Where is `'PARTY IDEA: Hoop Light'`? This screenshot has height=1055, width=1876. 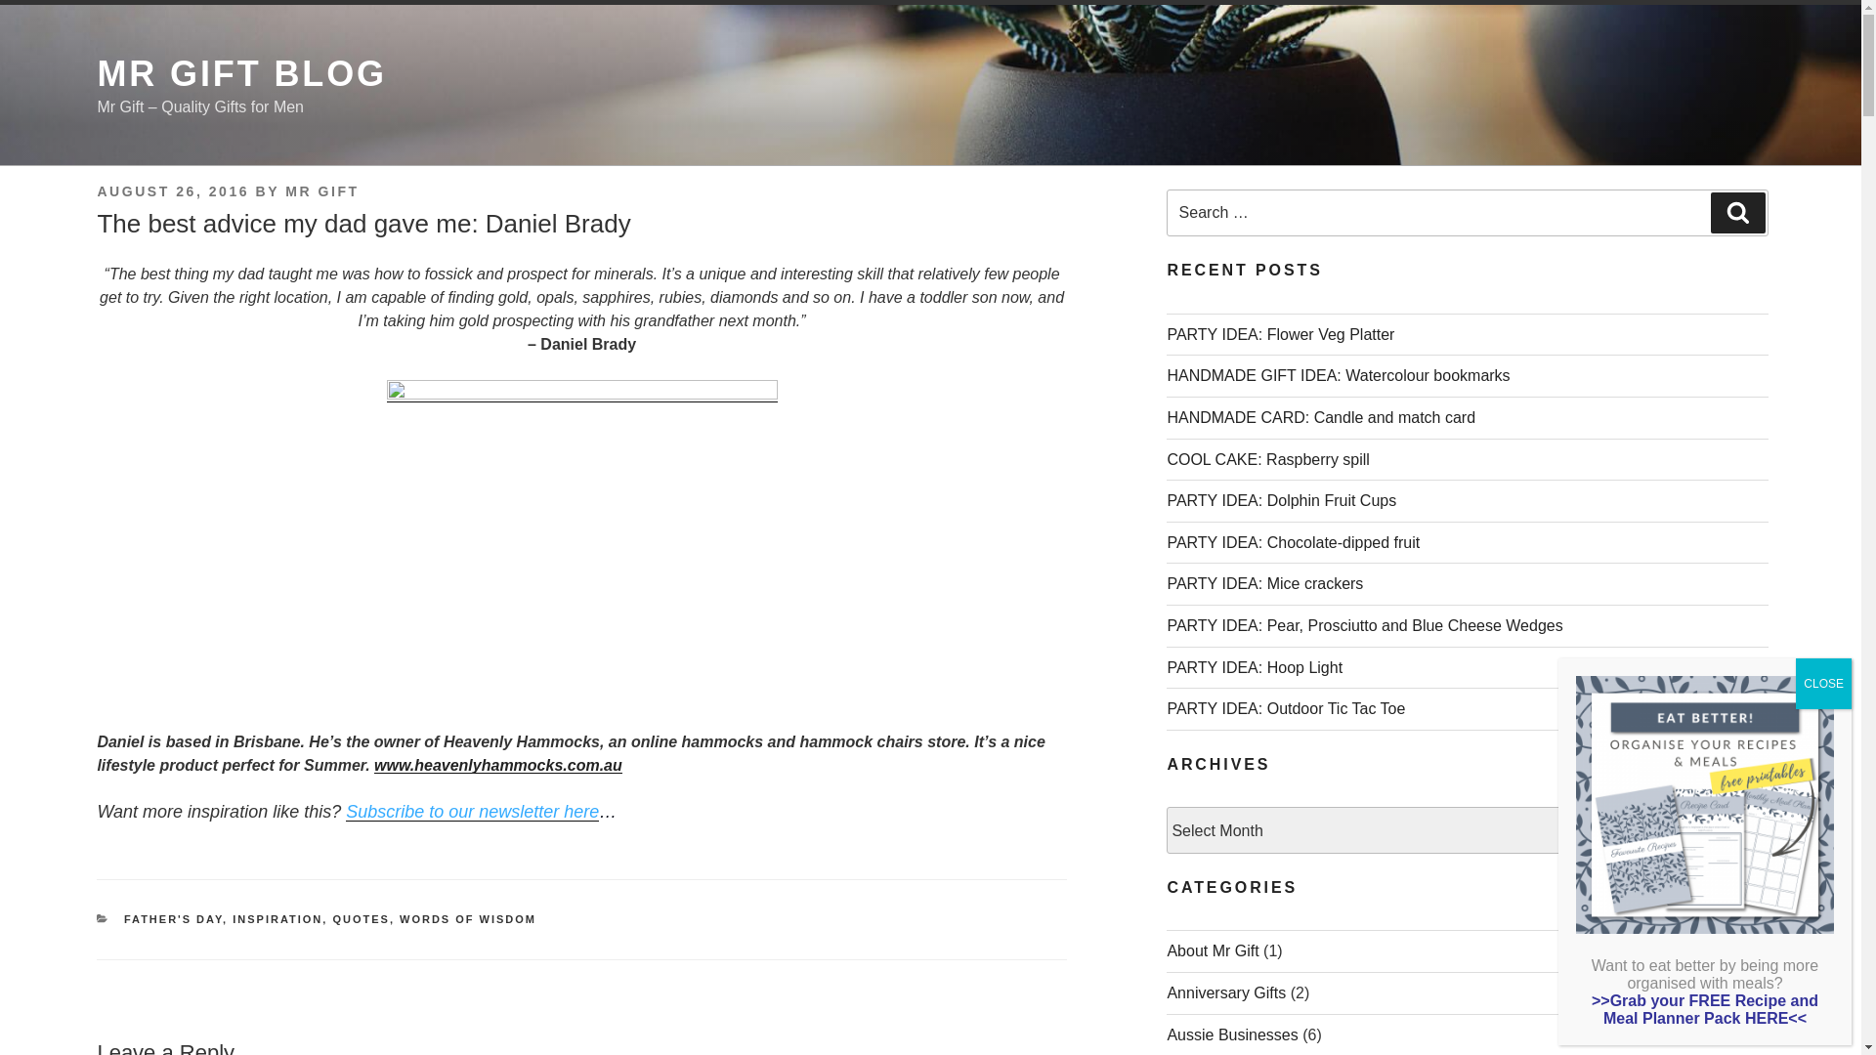 'PARTY IDEA: Hoop Light' is located at coordinates (1167, 666).